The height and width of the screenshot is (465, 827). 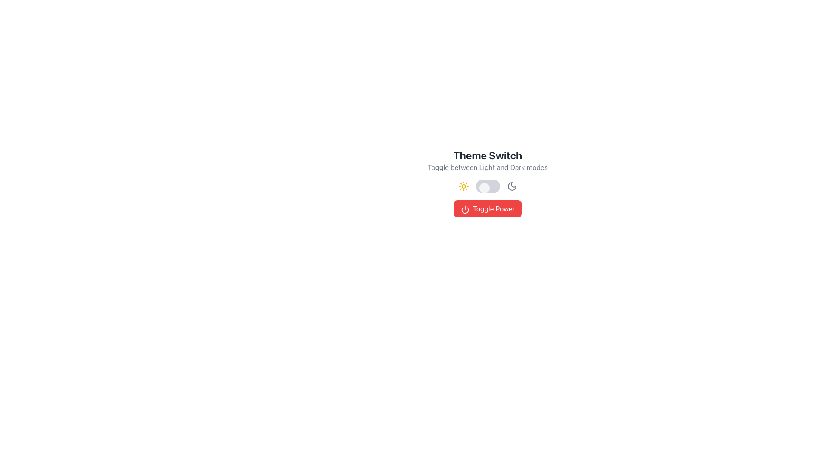 I want to click on the dark mode toggle icon, which is the second icon from the left in the row below the 'Theme Switch' label, positioned between the sun symbol and the circular arrow symbol, so click(x=512, y=186).